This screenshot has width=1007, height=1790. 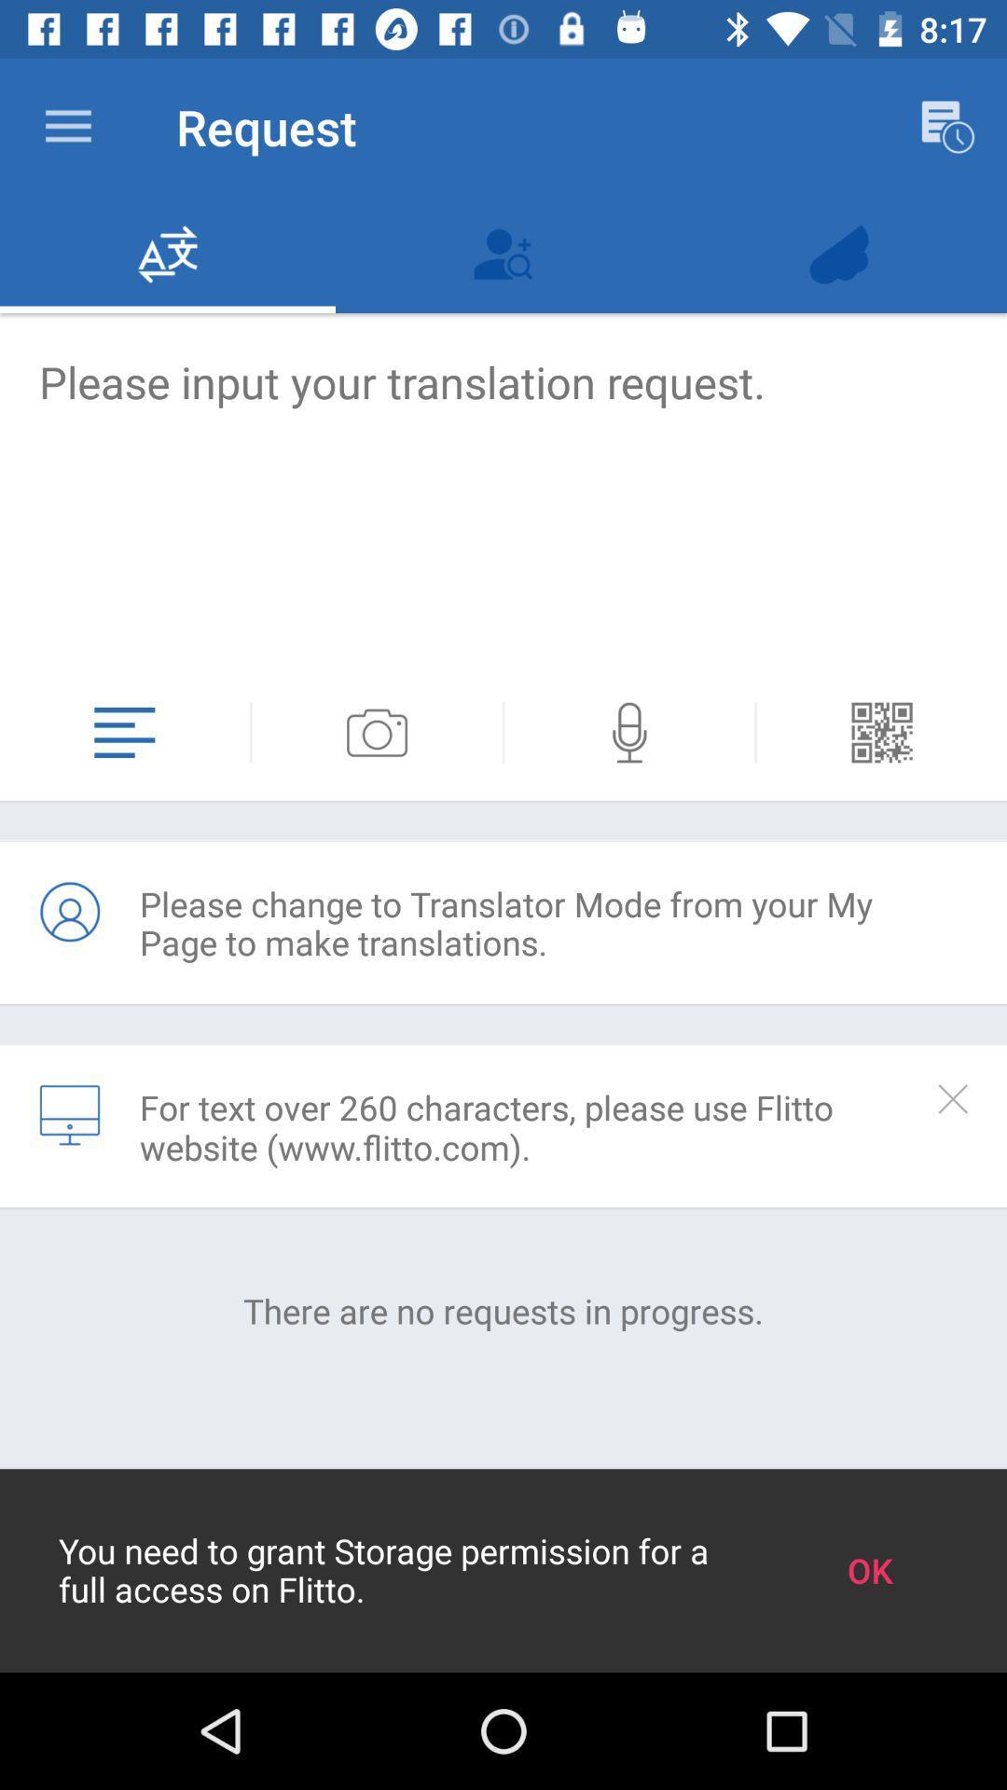 I want to click on the app next to the request, so click(x=67, y=126).